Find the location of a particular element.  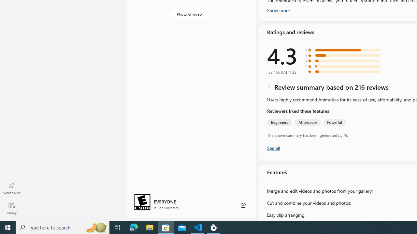

'Share' is located at coordinates (243, 205).